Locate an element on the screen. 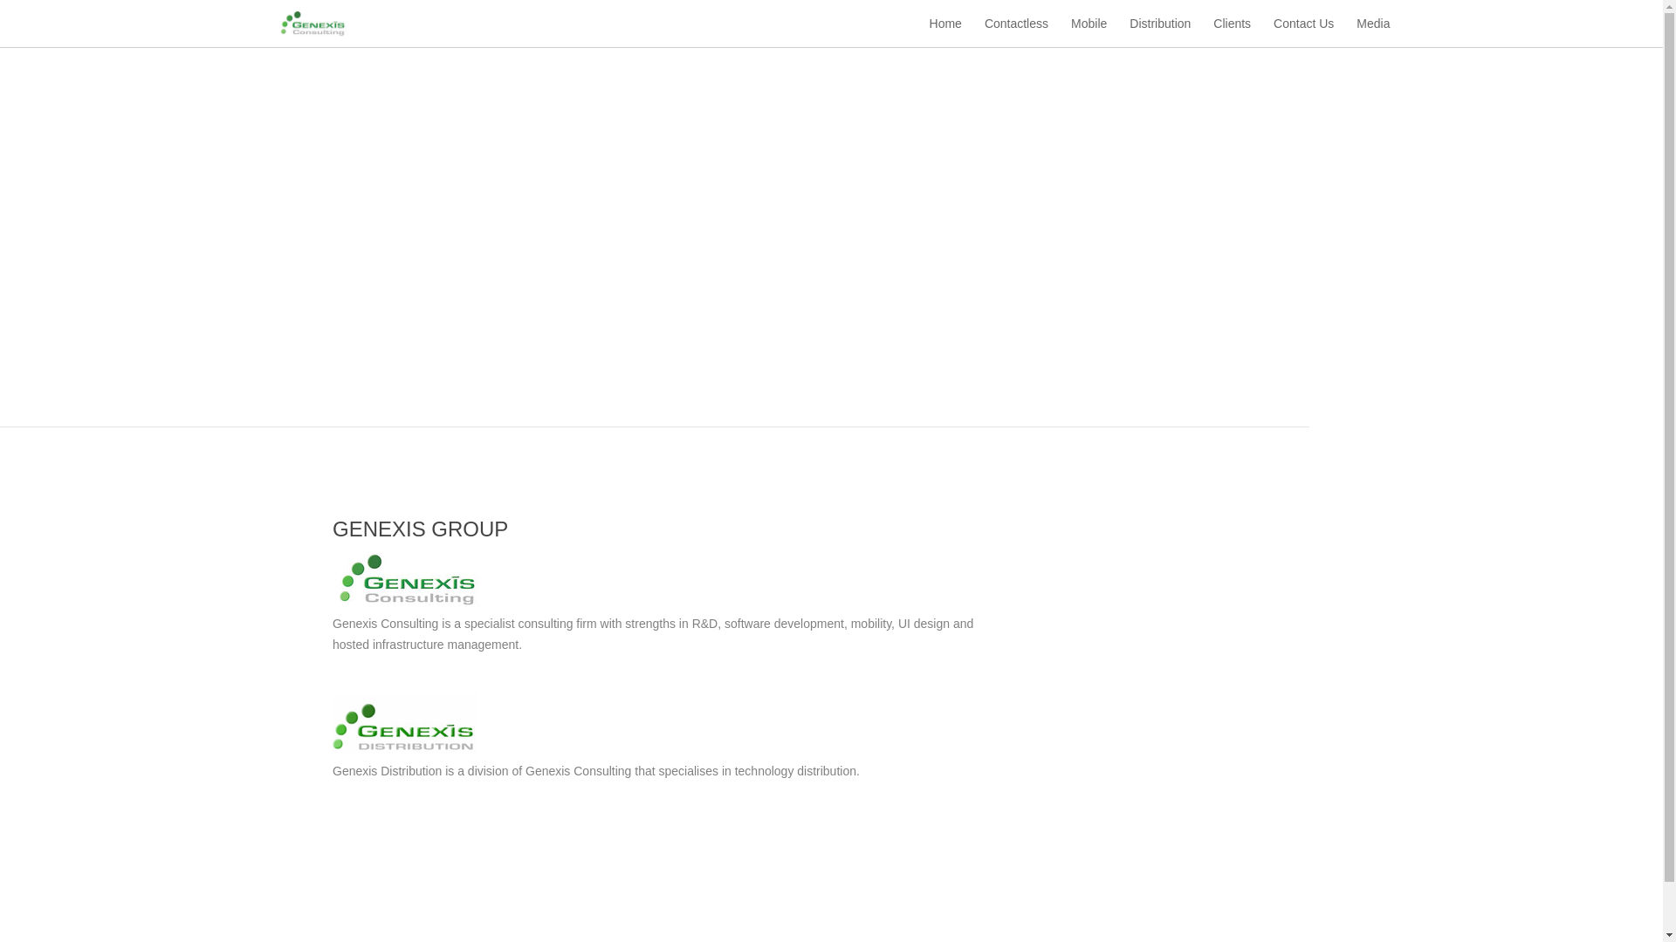 Image resolution: width=1676 pixels, height=942 pixels. 'Media' is located at coordinates (1372, 32).